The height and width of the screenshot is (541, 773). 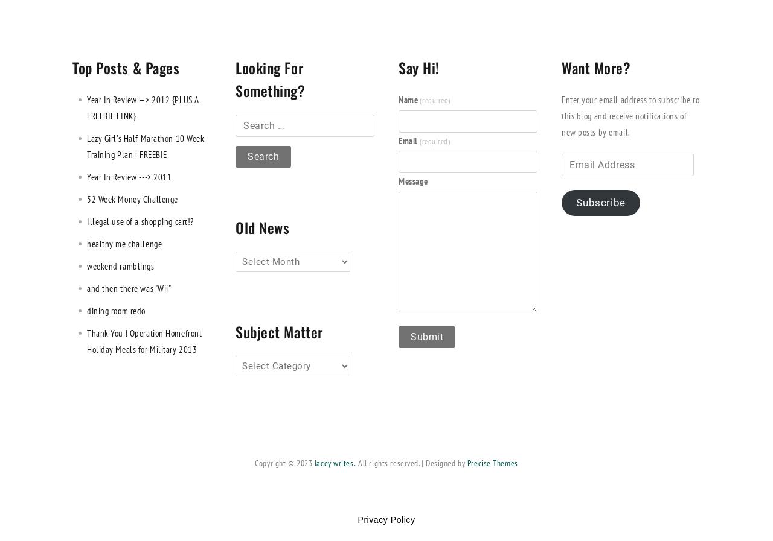 What do you see at coordinates (116, 310) in the screenshot?
I see `'dining room redo'` at bounding box center [116, 310].